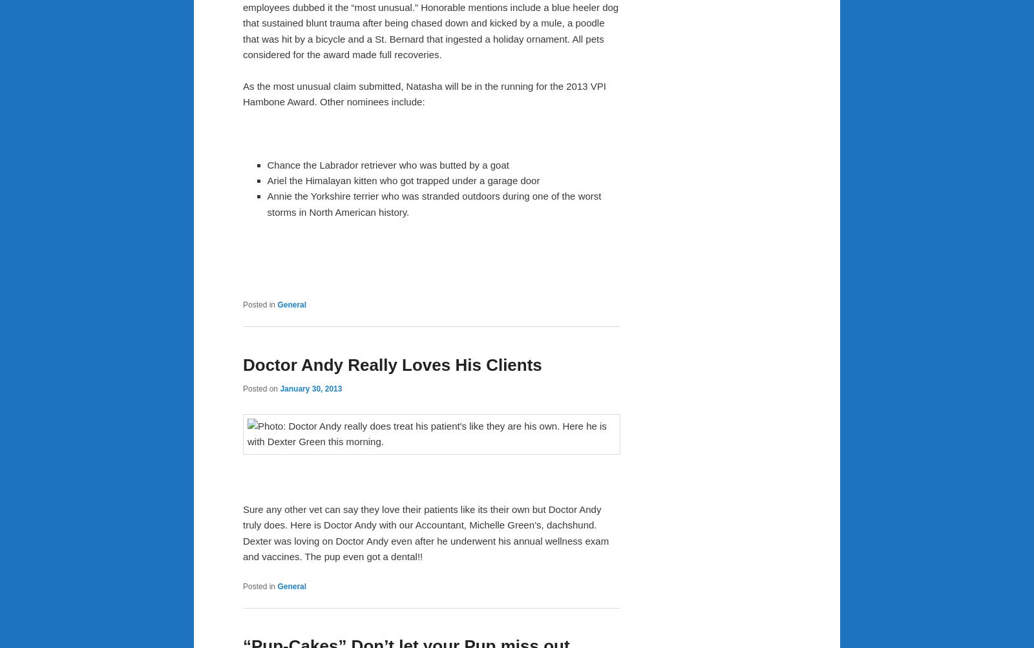  Describe the element at coordinates (426, 532) in the screenshot. I see `'Sure any other vet can say they love their patients like its their own but Doctor Andy truly does. Here is Doctor Andy with our Accountant, Michelle Green’s, dachshund. Dexter was loving on Doctor Andy even after he underwent his annual wellness exam and vaccines. The pup even got a dental!!'` at that location.